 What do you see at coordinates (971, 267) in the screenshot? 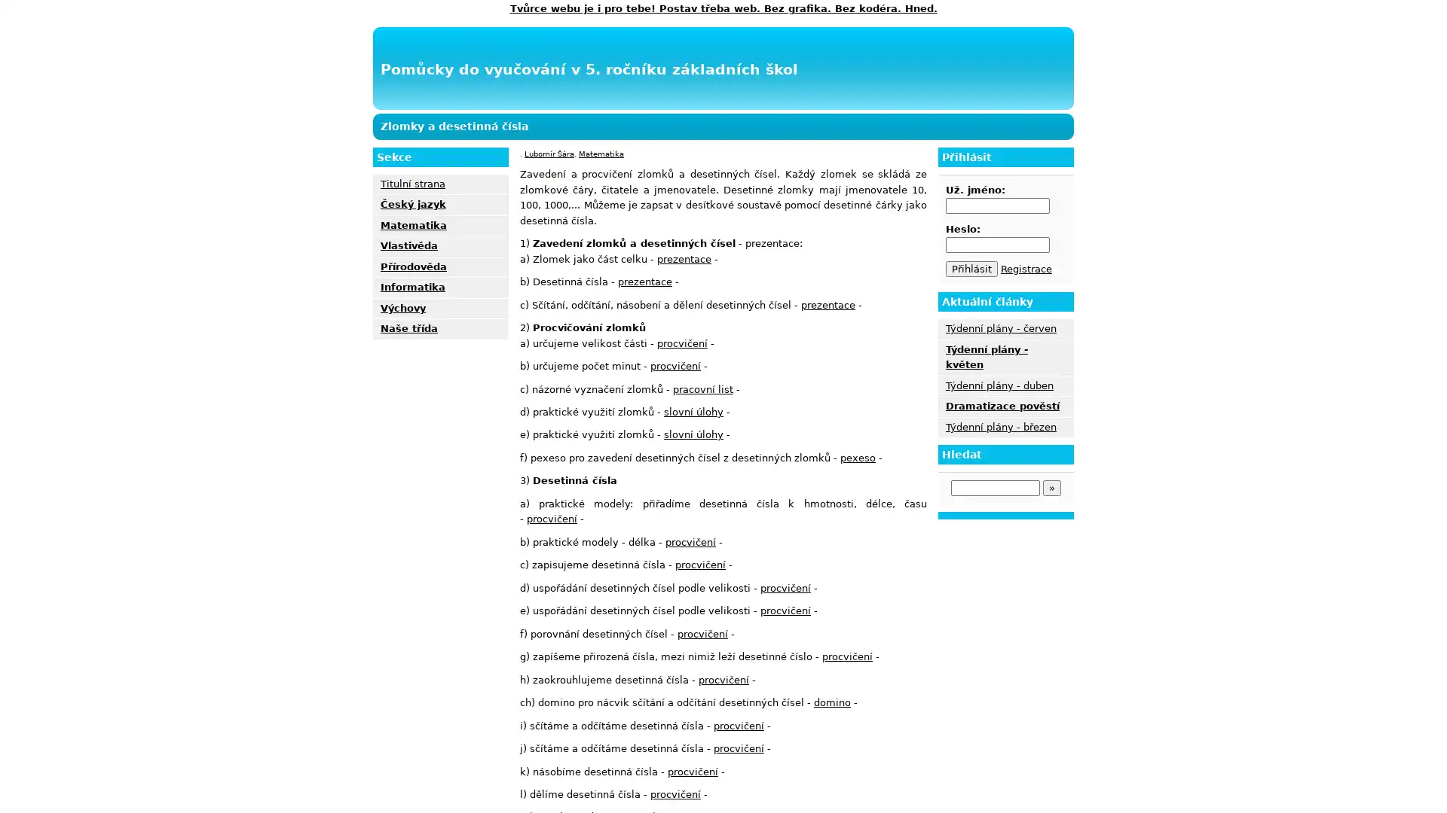
I see `Prihlasit` at bounding box center [971, 267].